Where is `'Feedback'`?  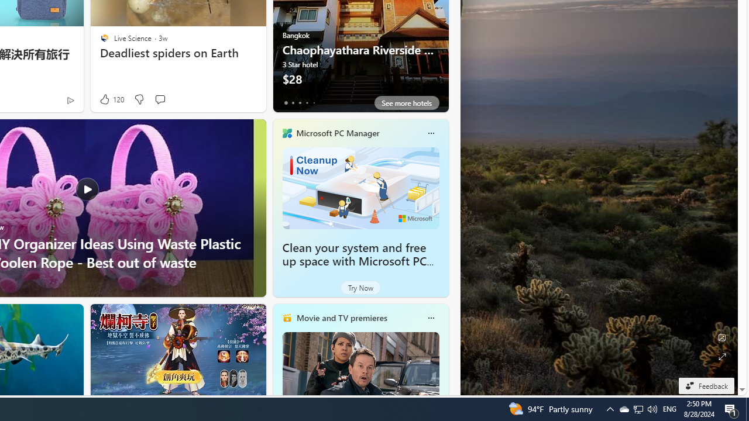
'Feedback' is located at coordinates (705, 385).